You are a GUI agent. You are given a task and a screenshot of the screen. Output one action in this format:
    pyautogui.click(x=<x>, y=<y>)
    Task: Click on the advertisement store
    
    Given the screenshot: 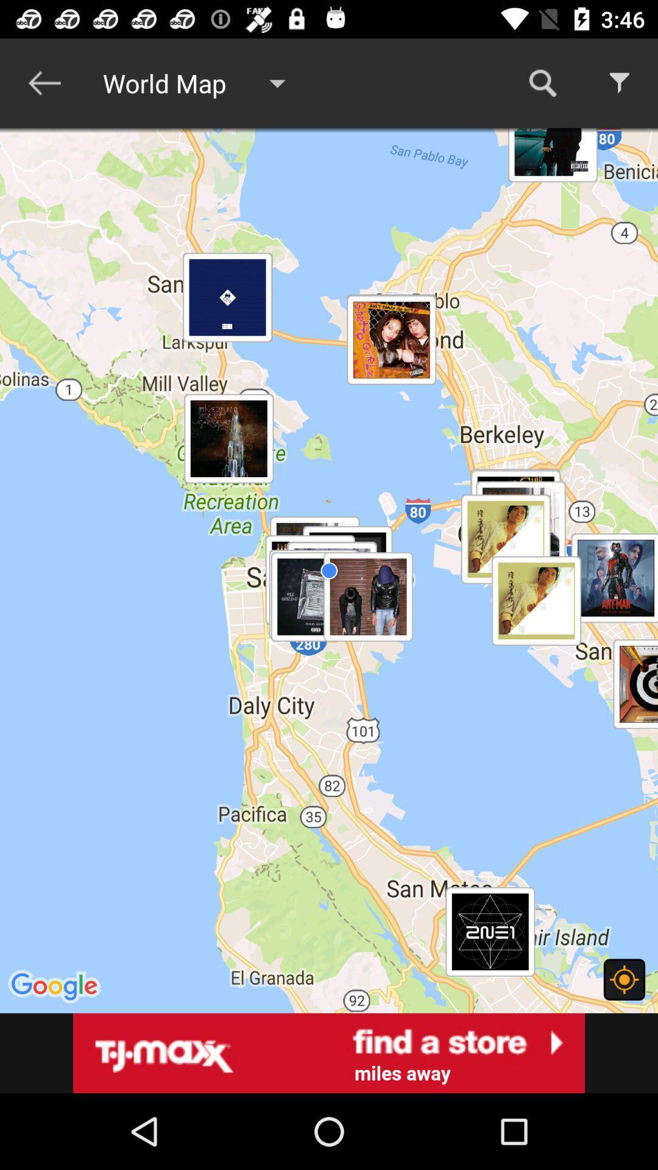 What is the action you would take?
    pyautogui.click(x=329, y=1052)
    